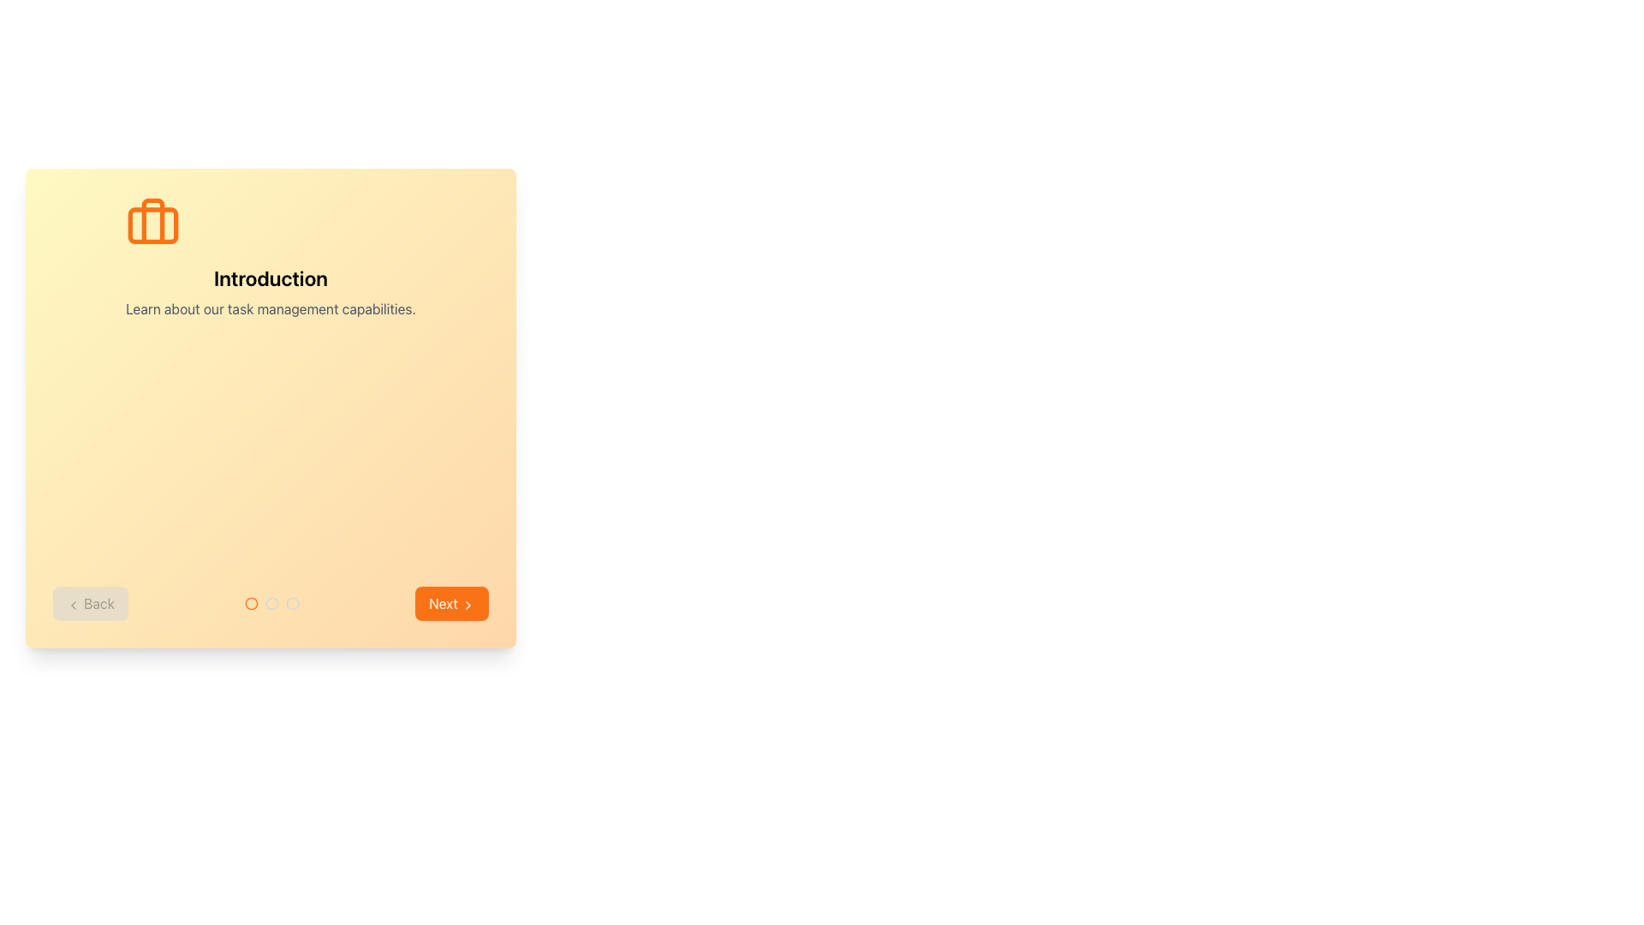  What do you see at coordinates (292, 603) in the screenshot?
I see `the third circular step indicator with a gray border located in the lower section of the interface` at bounding box center [292, 603].